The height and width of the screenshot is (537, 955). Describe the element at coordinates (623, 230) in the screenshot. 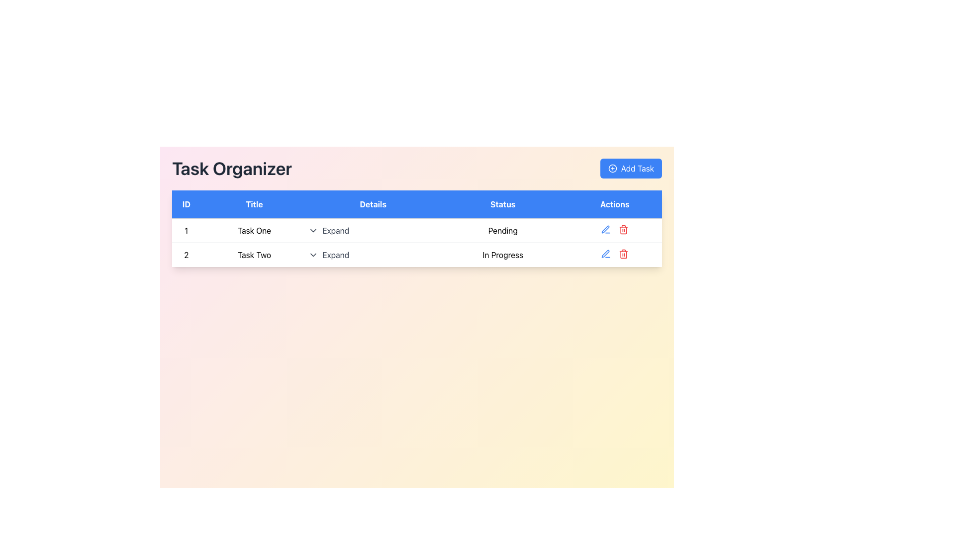

I see `the delete button icon located in the Actions column of the second row` at that location.